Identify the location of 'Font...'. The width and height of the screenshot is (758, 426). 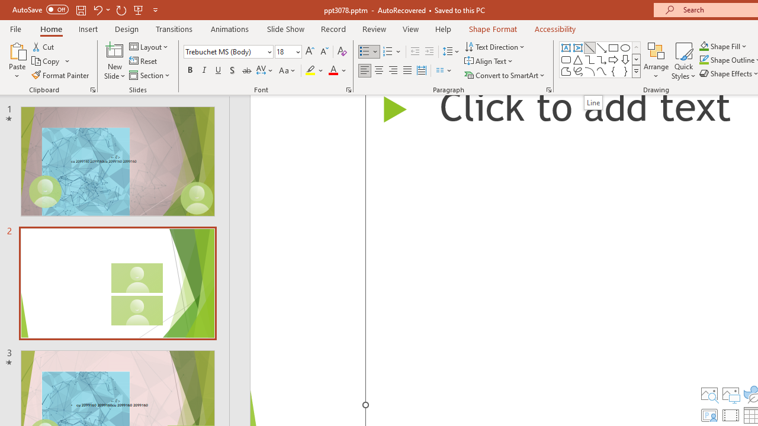
(348, 89).